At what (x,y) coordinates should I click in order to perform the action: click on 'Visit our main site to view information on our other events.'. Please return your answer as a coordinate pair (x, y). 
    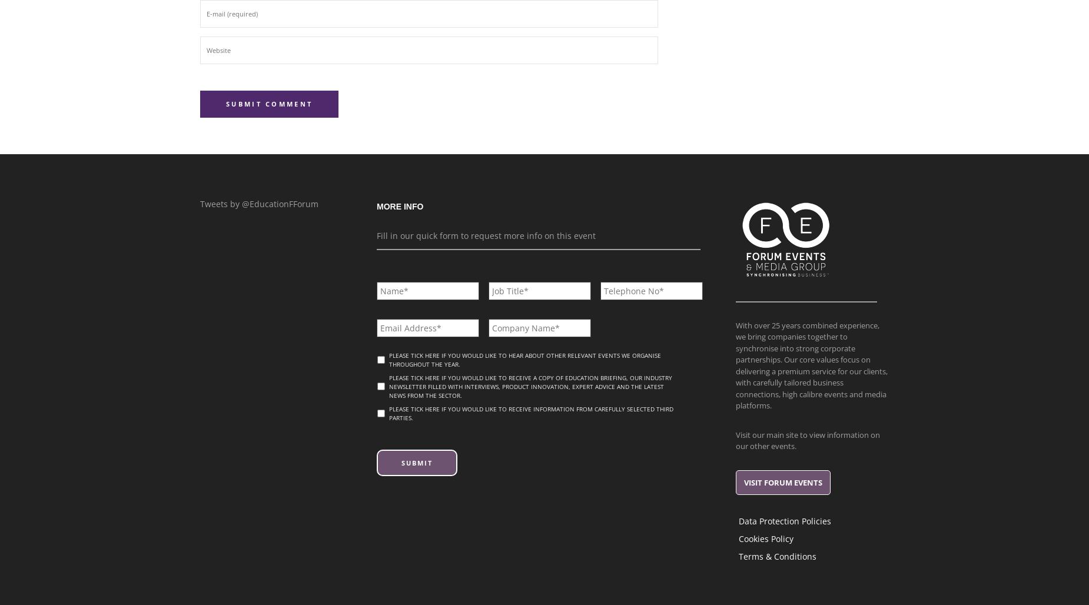
    Looking at the image, I should click on (735, 439).